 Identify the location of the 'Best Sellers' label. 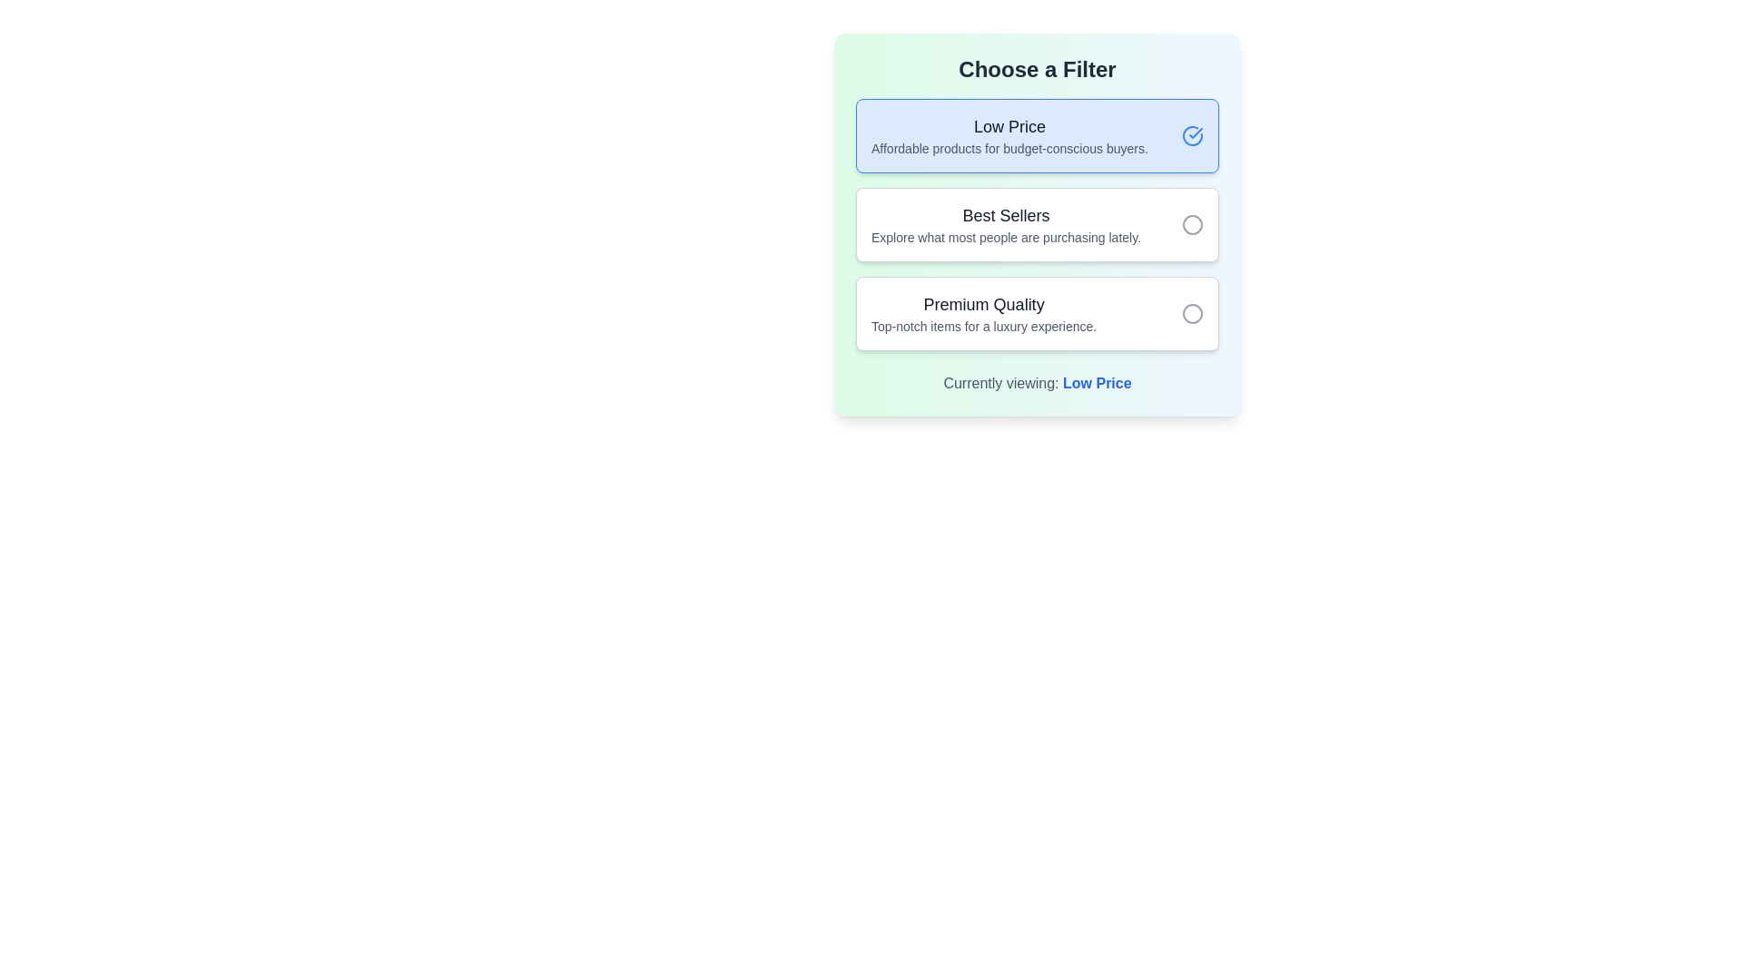
(1005, 223).